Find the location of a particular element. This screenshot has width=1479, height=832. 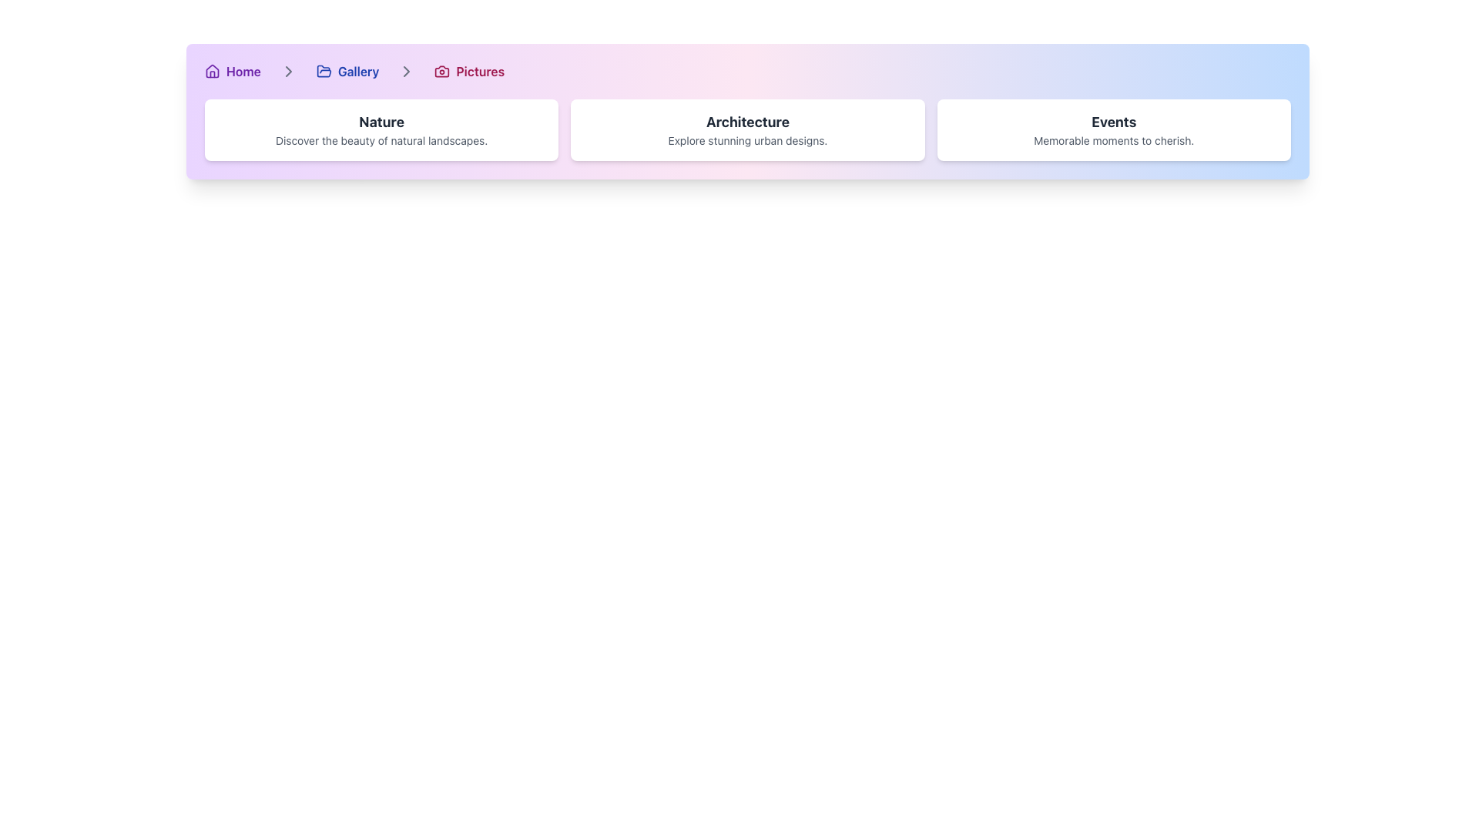

the 'Gallery' navigation label located in the breadcrumb navigation bar is located at coordinates (357, 71).